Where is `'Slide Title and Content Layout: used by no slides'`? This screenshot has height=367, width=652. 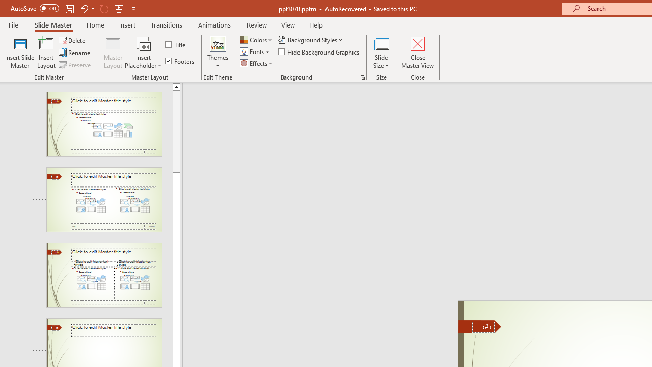 'Slide Title and Content Layout: used by no slides' is located at coordinates (104, 123).